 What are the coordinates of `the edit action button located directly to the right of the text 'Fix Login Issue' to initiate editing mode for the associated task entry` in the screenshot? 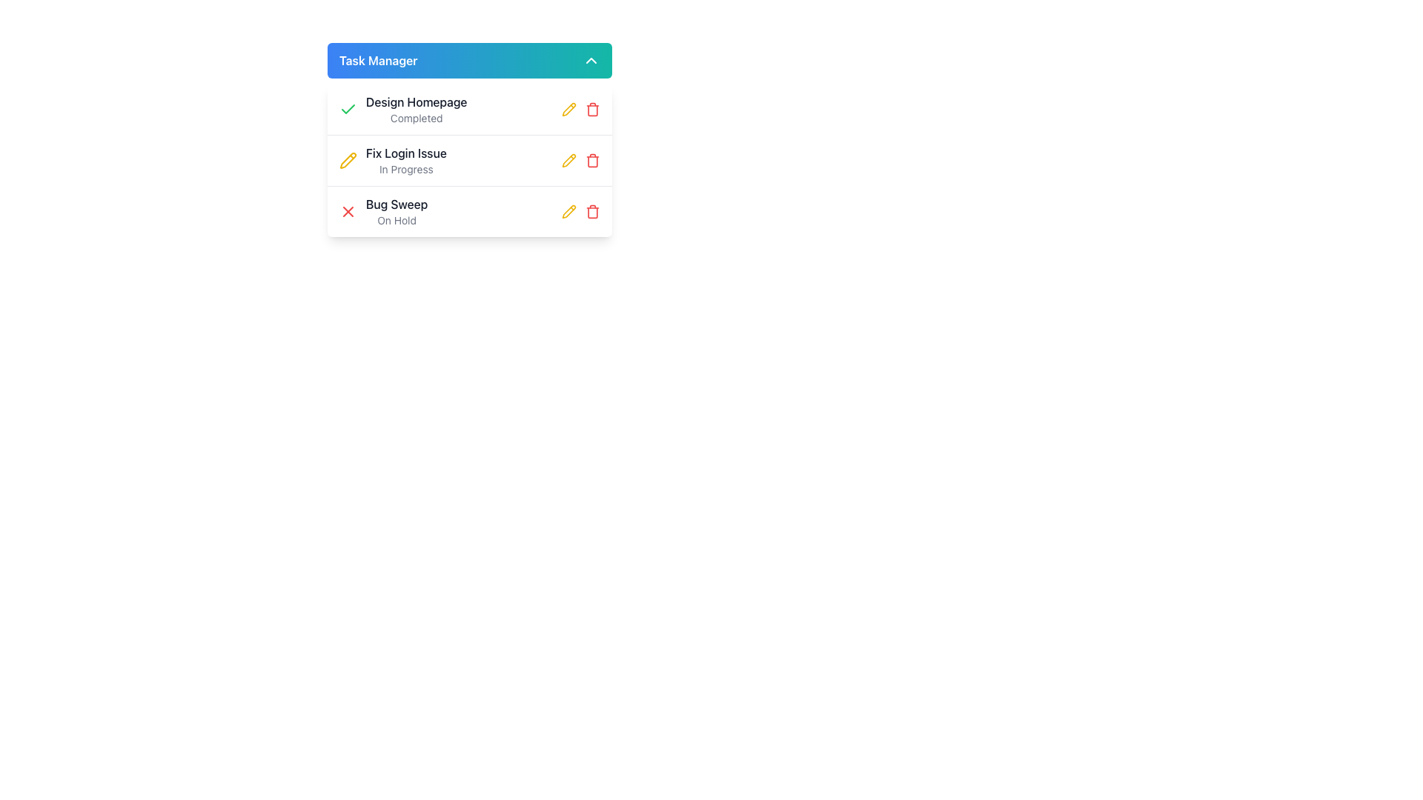 It's located at (348, 160).